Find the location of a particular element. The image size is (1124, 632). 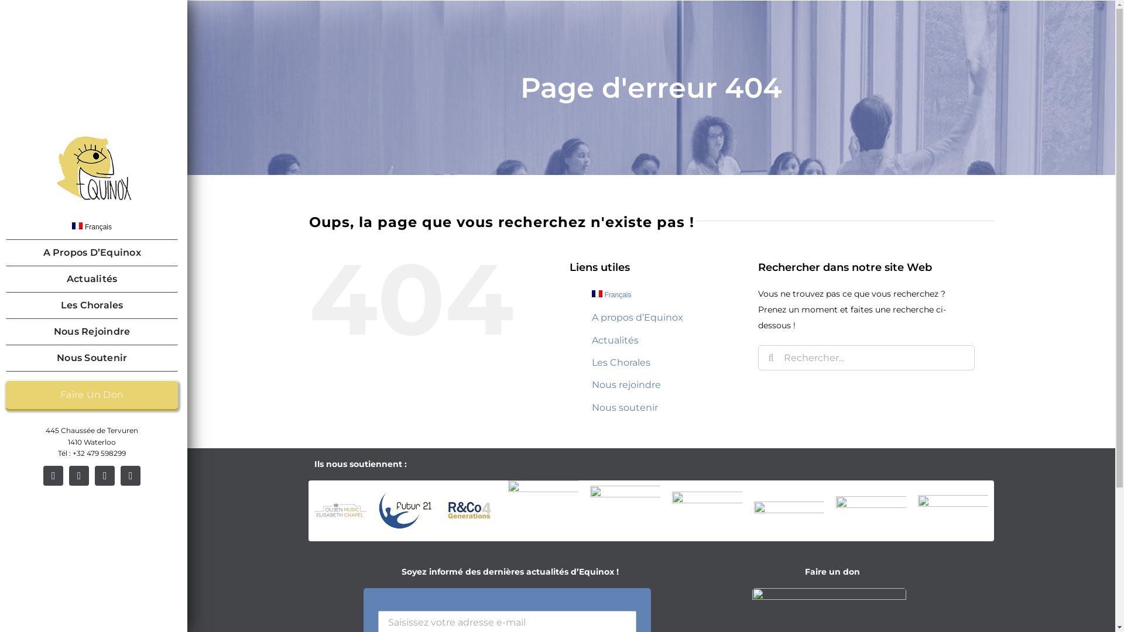

'Les Chorales' is located at coordinates (91, 305).